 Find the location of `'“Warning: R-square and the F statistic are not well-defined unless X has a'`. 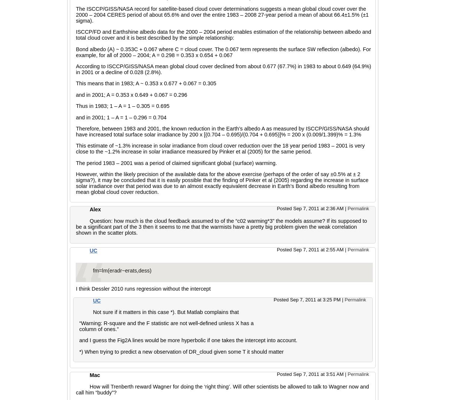

'“Warning: R-square and the F statistic are not well-defined unless X has a' is located at coordinates (166, 323).